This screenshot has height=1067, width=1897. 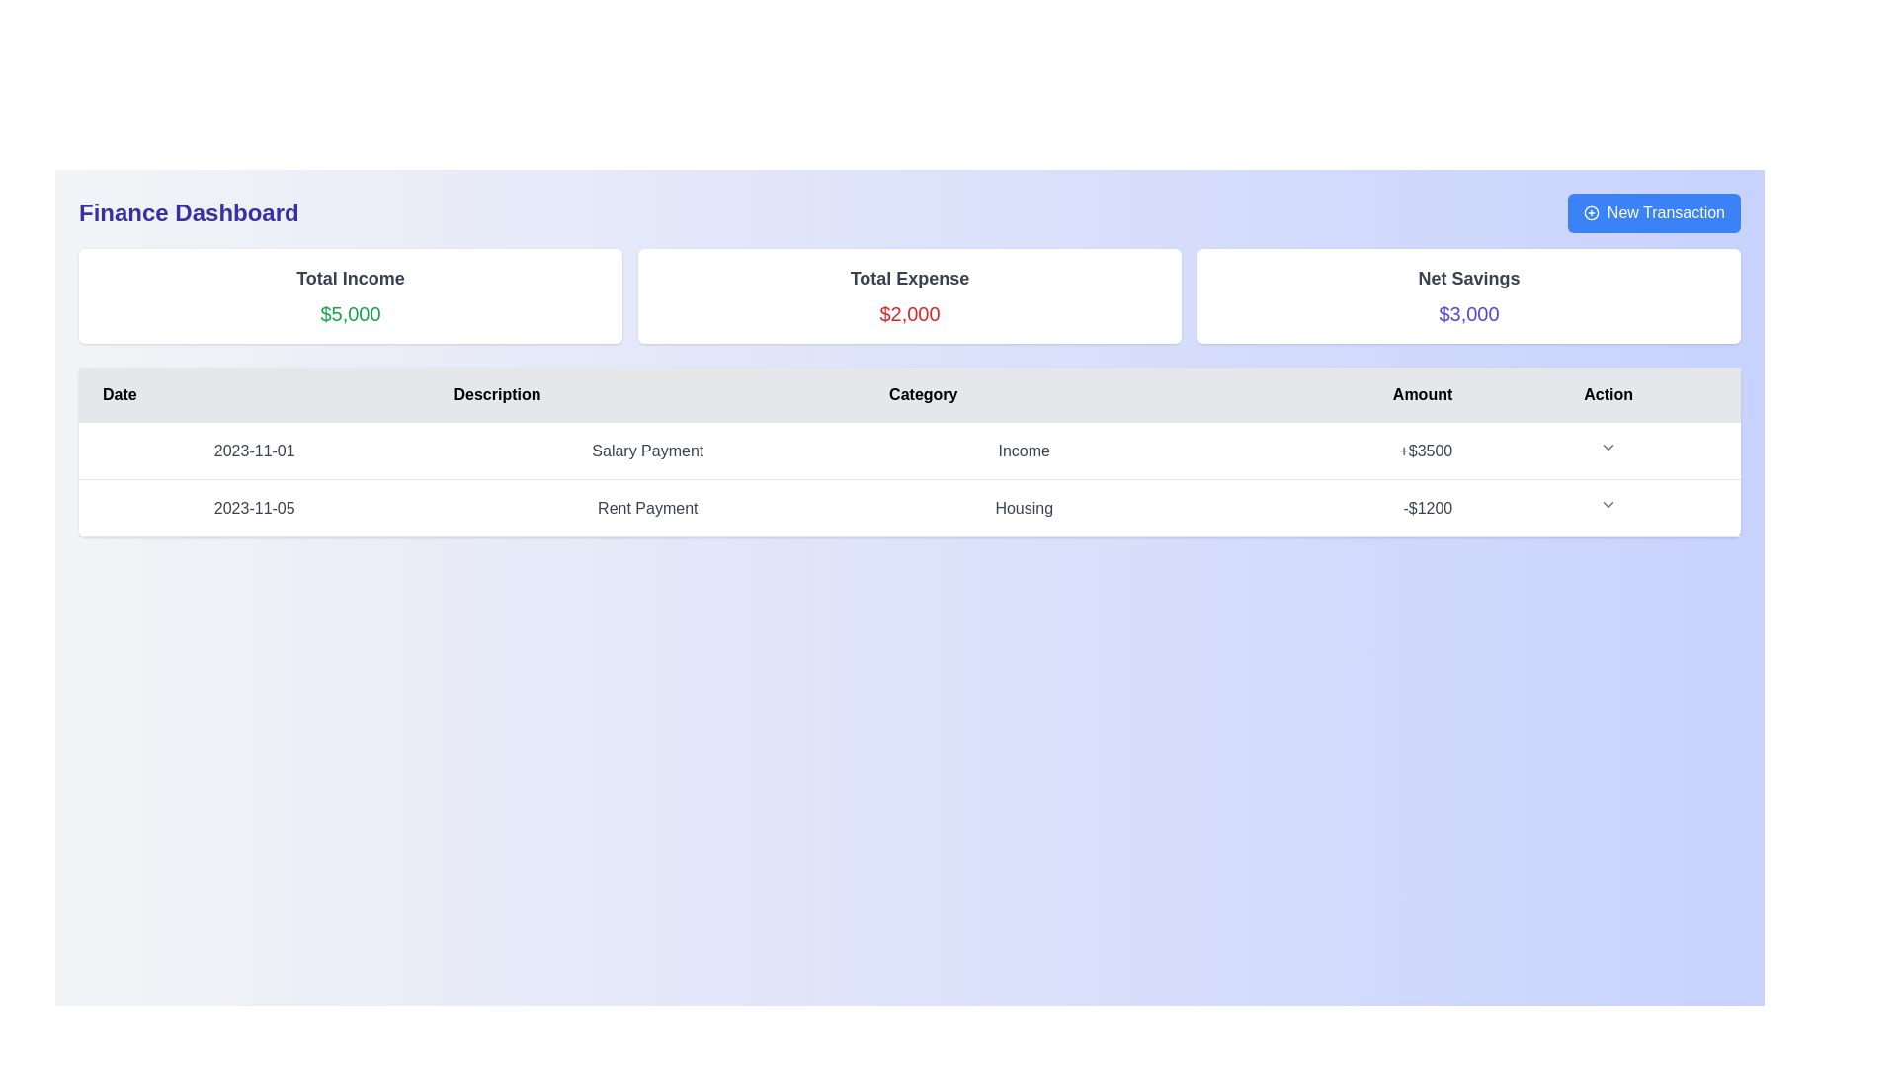 I want to click on the Text Label displaying the total expense figure, located below 'Total Expense' in the financial data card on the dashboard, so click(x=909, y=312).